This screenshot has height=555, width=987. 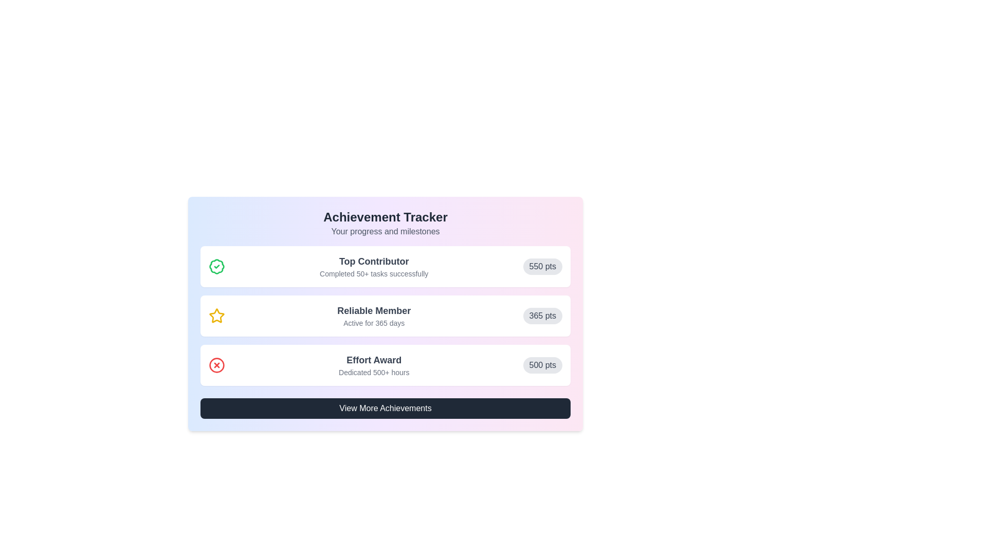 What do you see at coordinates (373, 364) in the screenshot?
I see `the Text Label displaying 'Effort Award' with the smaller text 'Dedicated 500+ hours' located in the middle of the third row of award items` at bounding box center [373, 364].